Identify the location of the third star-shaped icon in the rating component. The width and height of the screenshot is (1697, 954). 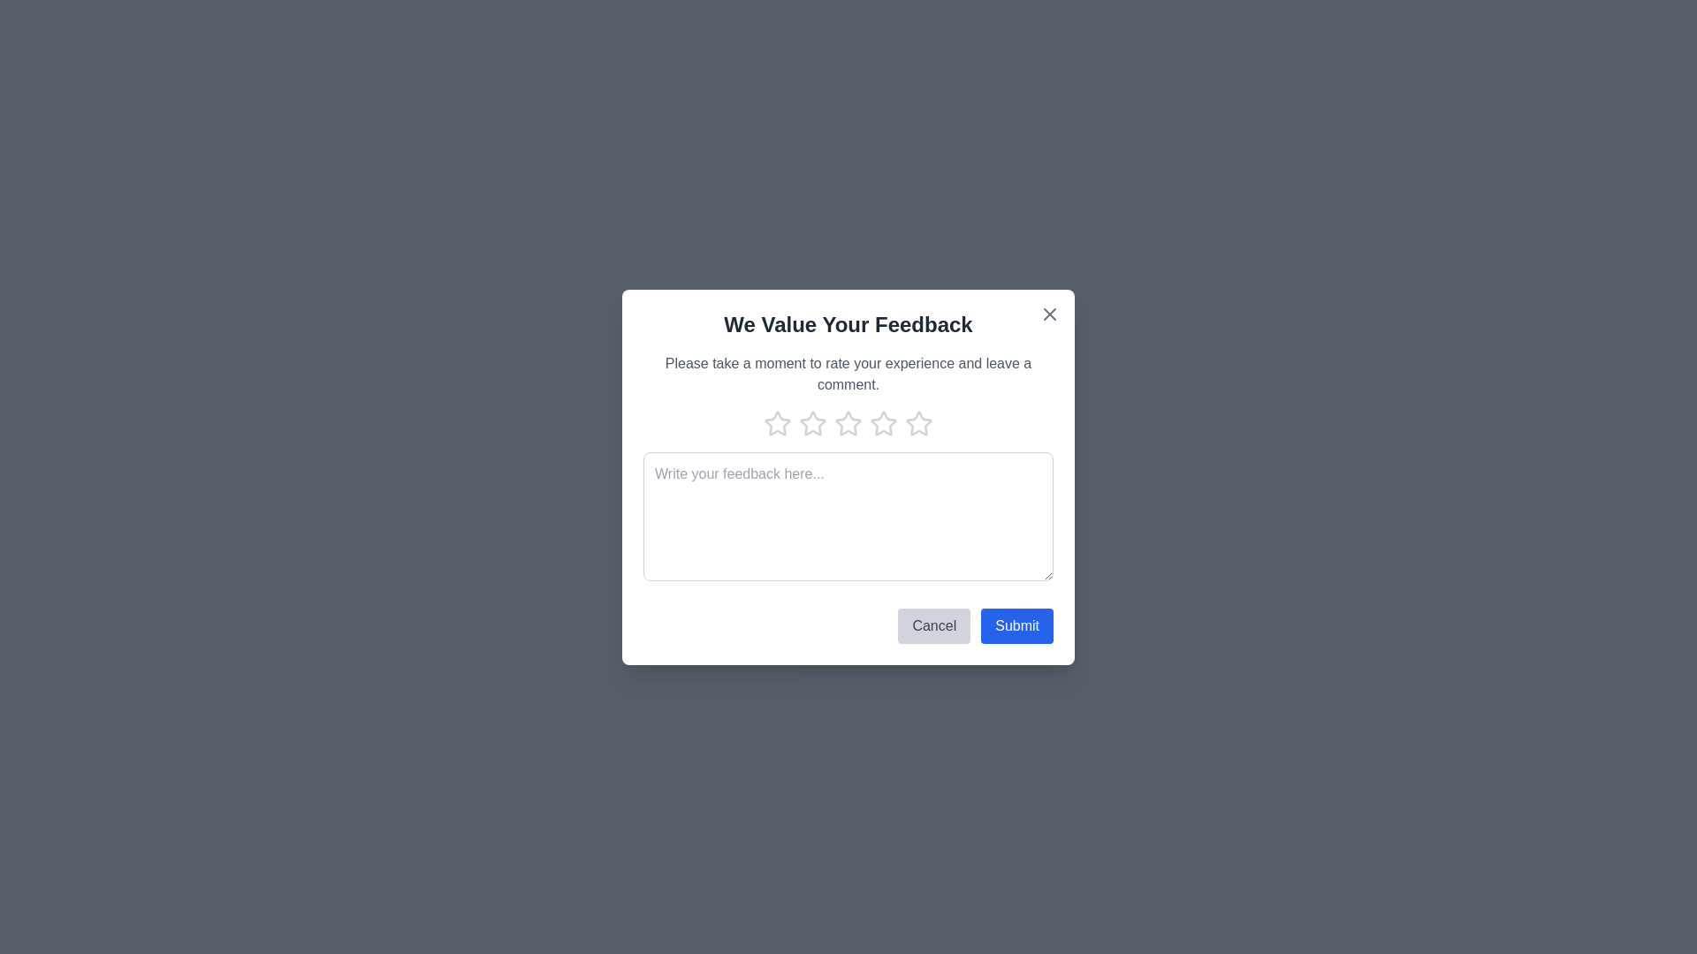
(848, 422).